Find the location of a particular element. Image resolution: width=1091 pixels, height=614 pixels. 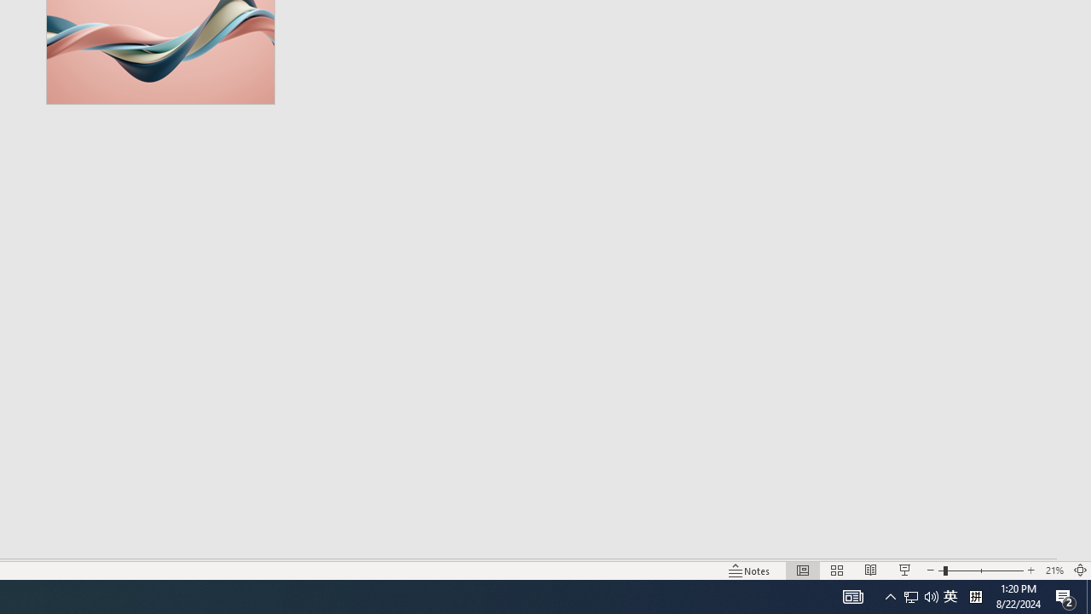

'Zoom 21%' is located at coordinates (1053, 571).